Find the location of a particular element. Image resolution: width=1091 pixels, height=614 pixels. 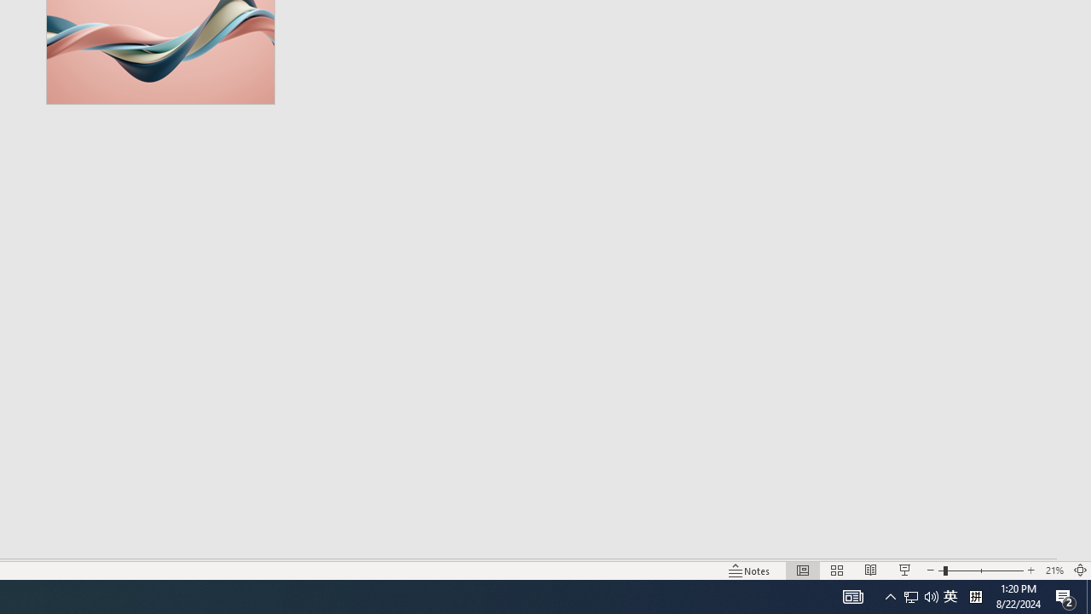

'Zoom 21%' is located at coordinates (1053, 571).